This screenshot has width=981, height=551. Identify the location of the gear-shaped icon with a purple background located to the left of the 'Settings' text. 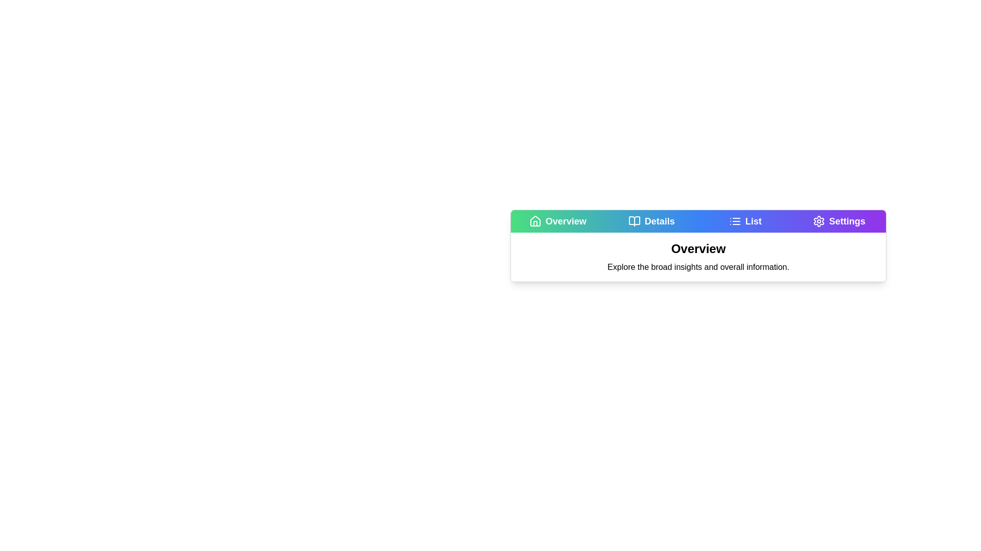
(819, 221).